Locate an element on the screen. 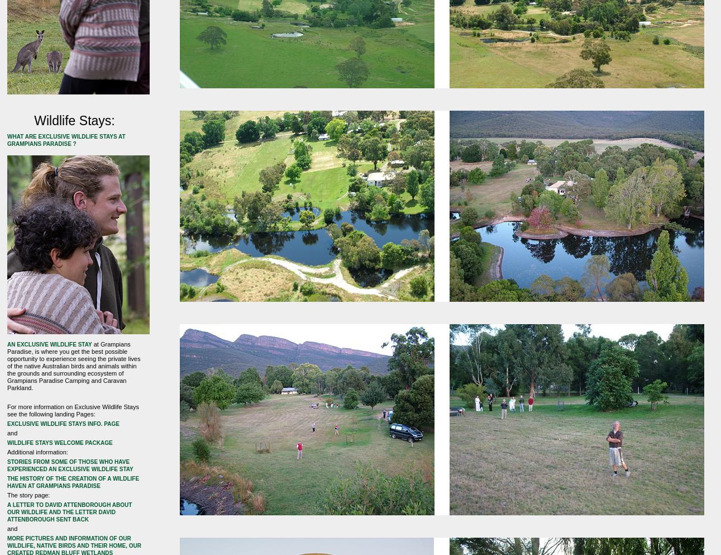 The width and height of the screenshot is (721, 555). 'Wildlife Stays:' is located at coordinates (73, 120).